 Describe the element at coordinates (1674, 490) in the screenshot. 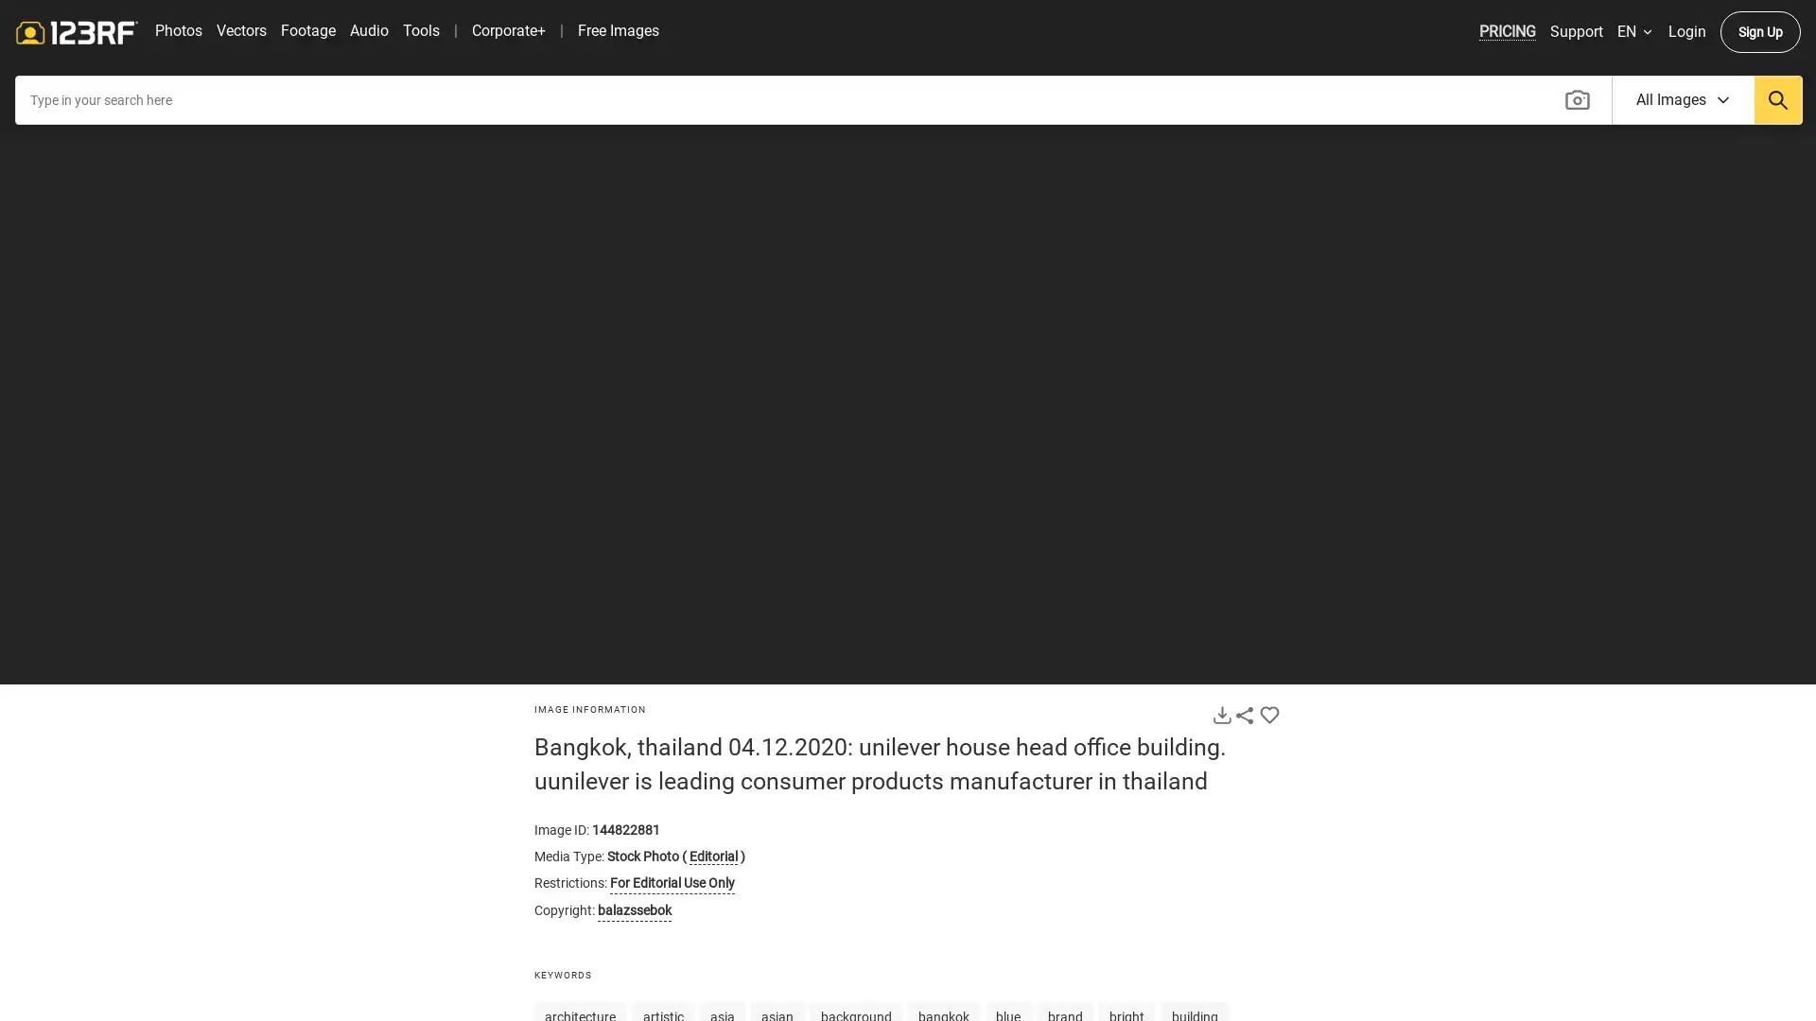

I see `L 5824 x 3880 px  300 dpi 19.41 x 12.93 inches` at that location.